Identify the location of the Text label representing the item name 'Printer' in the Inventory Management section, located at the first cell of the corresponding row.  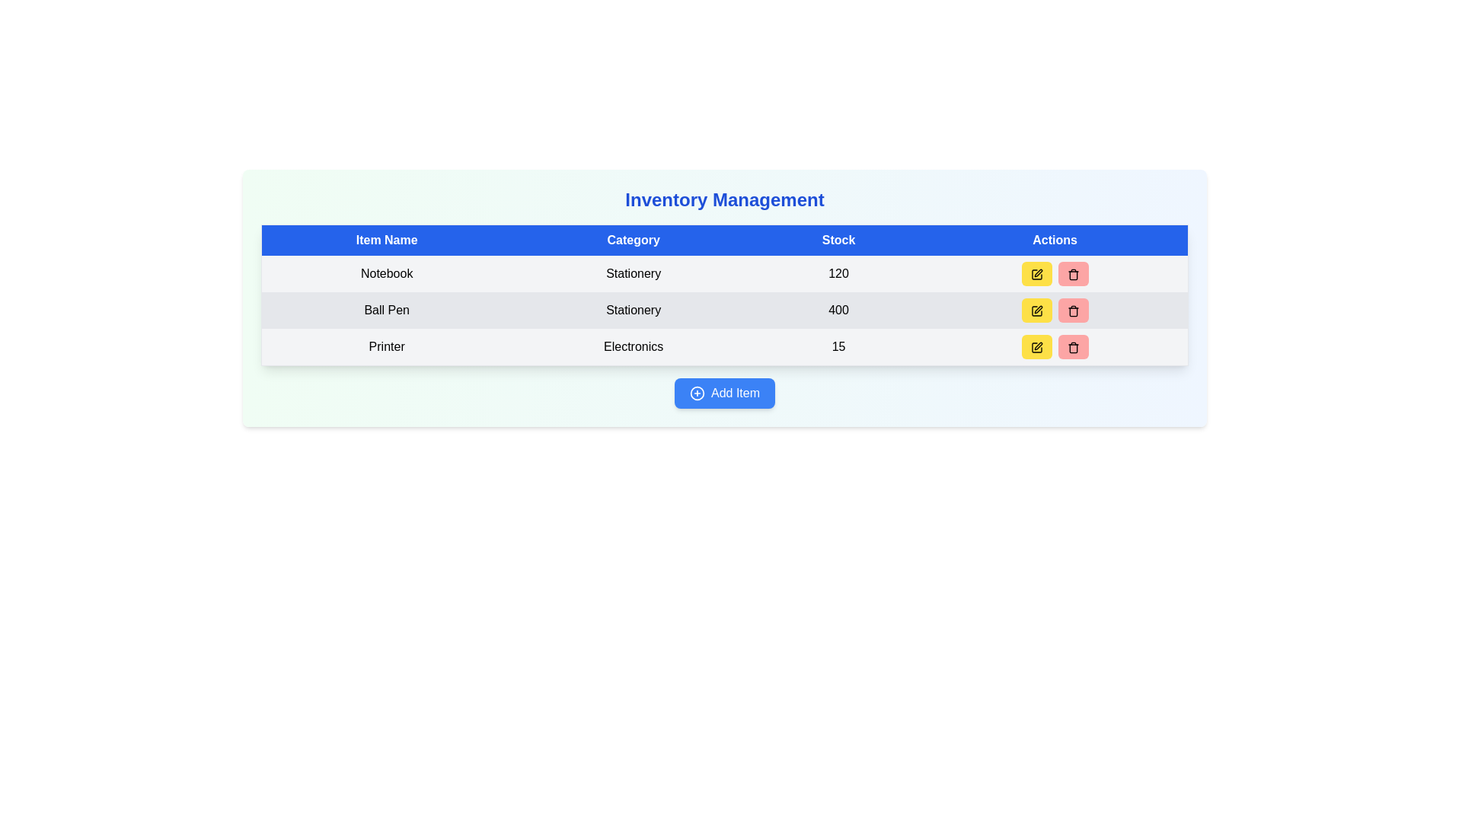
(386, 347).